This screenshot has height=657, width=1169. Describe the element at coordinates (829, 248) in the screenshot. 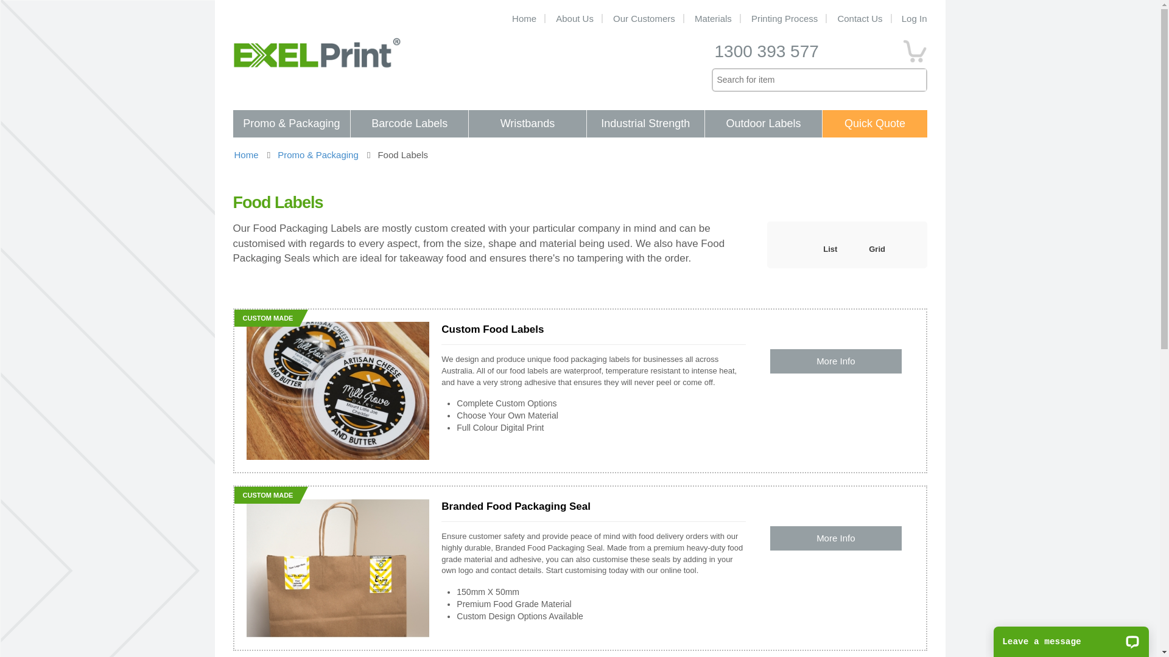

I see `'List'` at that location.